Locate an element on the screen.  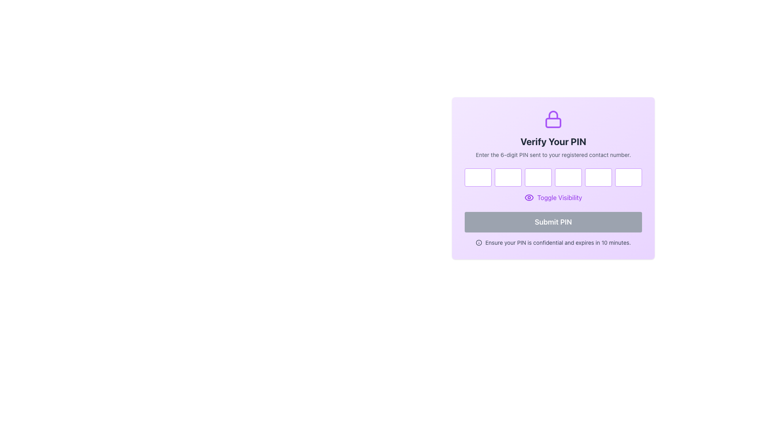
the circular SVG icon representing an informational symbol located to the left of the text 'Ensure your PIN is confidential and expires in 10 minutes.' is located at coordinates (479, 242).